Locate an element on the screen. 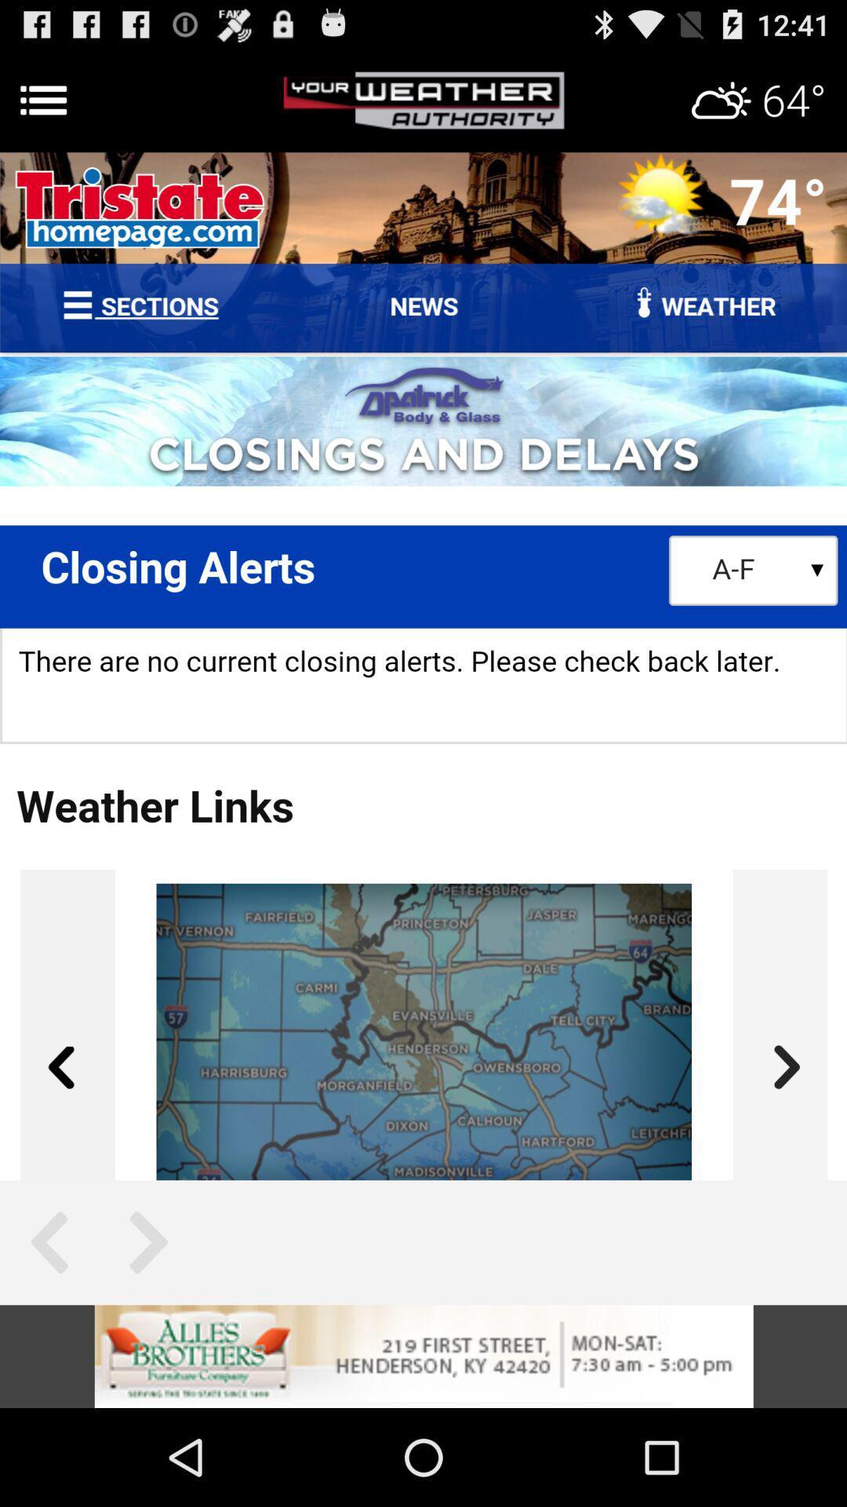 This screenshot has height=1507, width=847. advertisement page is located at coordinates (423, 1356).